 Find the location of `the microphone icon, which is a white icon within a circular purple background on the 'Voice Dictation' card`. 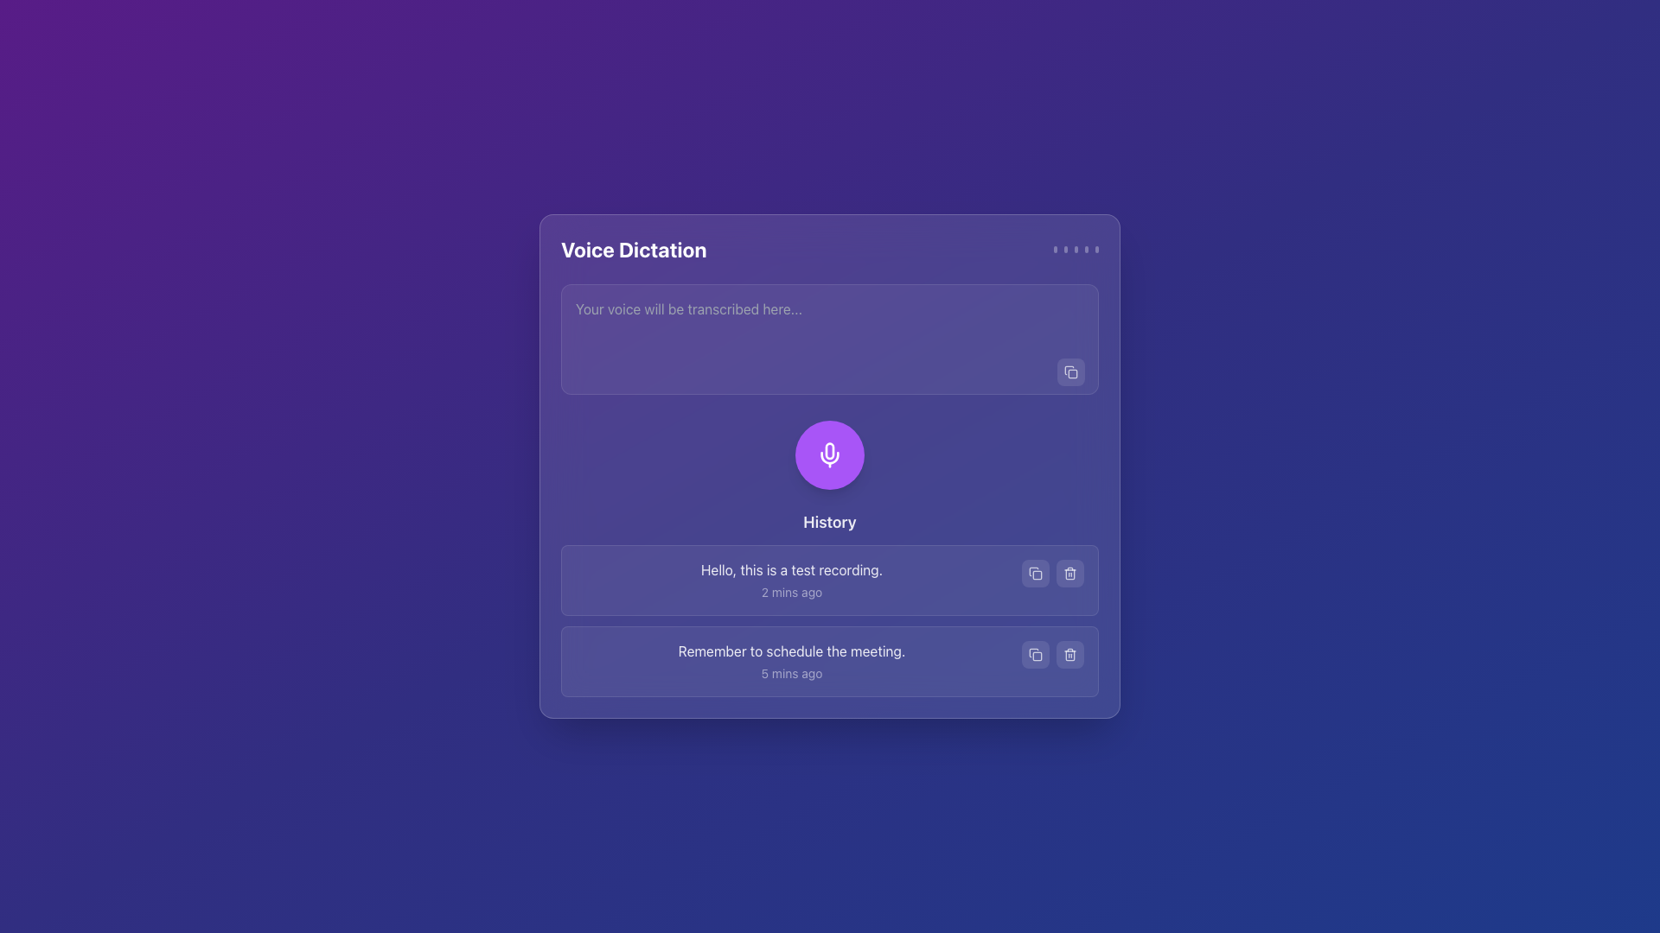

the microphone icon, which is a white icon within a circular purple background on the 'Voice Dictation' card is located at coordinates (830, 454).